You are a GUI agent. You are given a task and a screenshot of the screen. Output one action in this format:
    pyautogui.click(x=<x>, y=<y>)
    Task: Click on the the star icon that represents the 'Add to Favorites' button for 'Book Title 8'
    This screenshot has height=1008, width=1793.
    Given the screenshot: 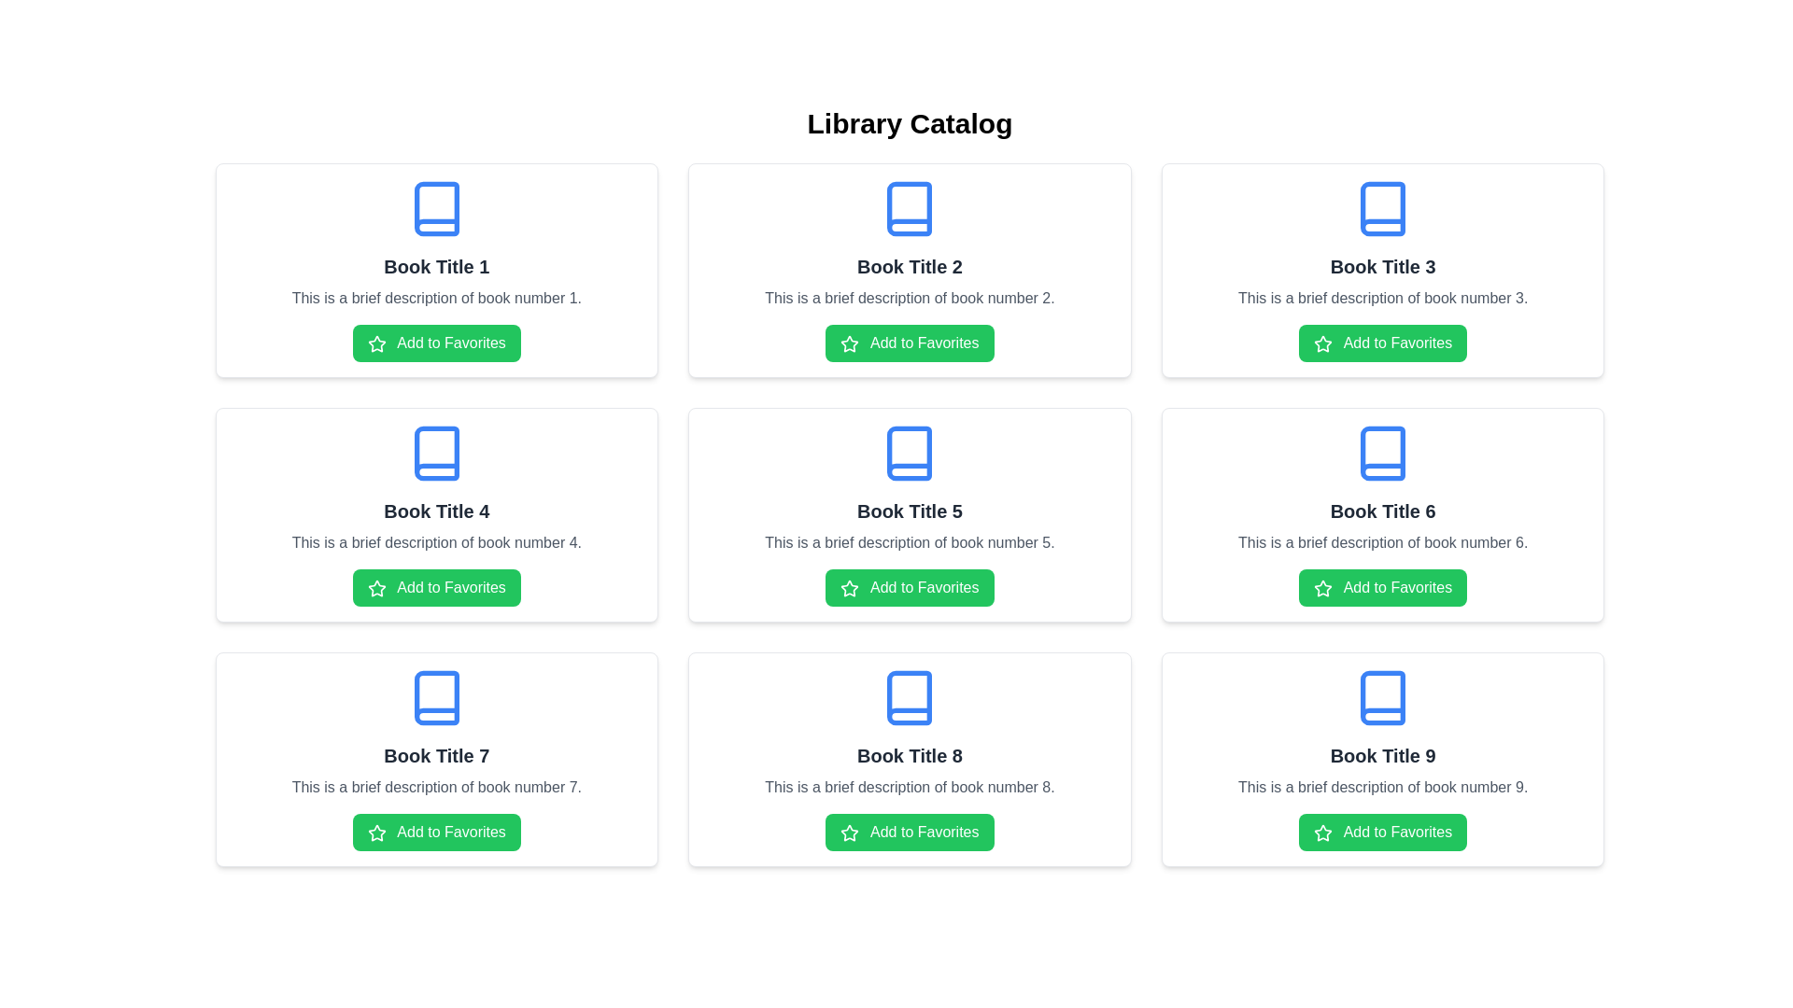 What is the action you would take?
    pyautogui.click(x=849, y=832)
    